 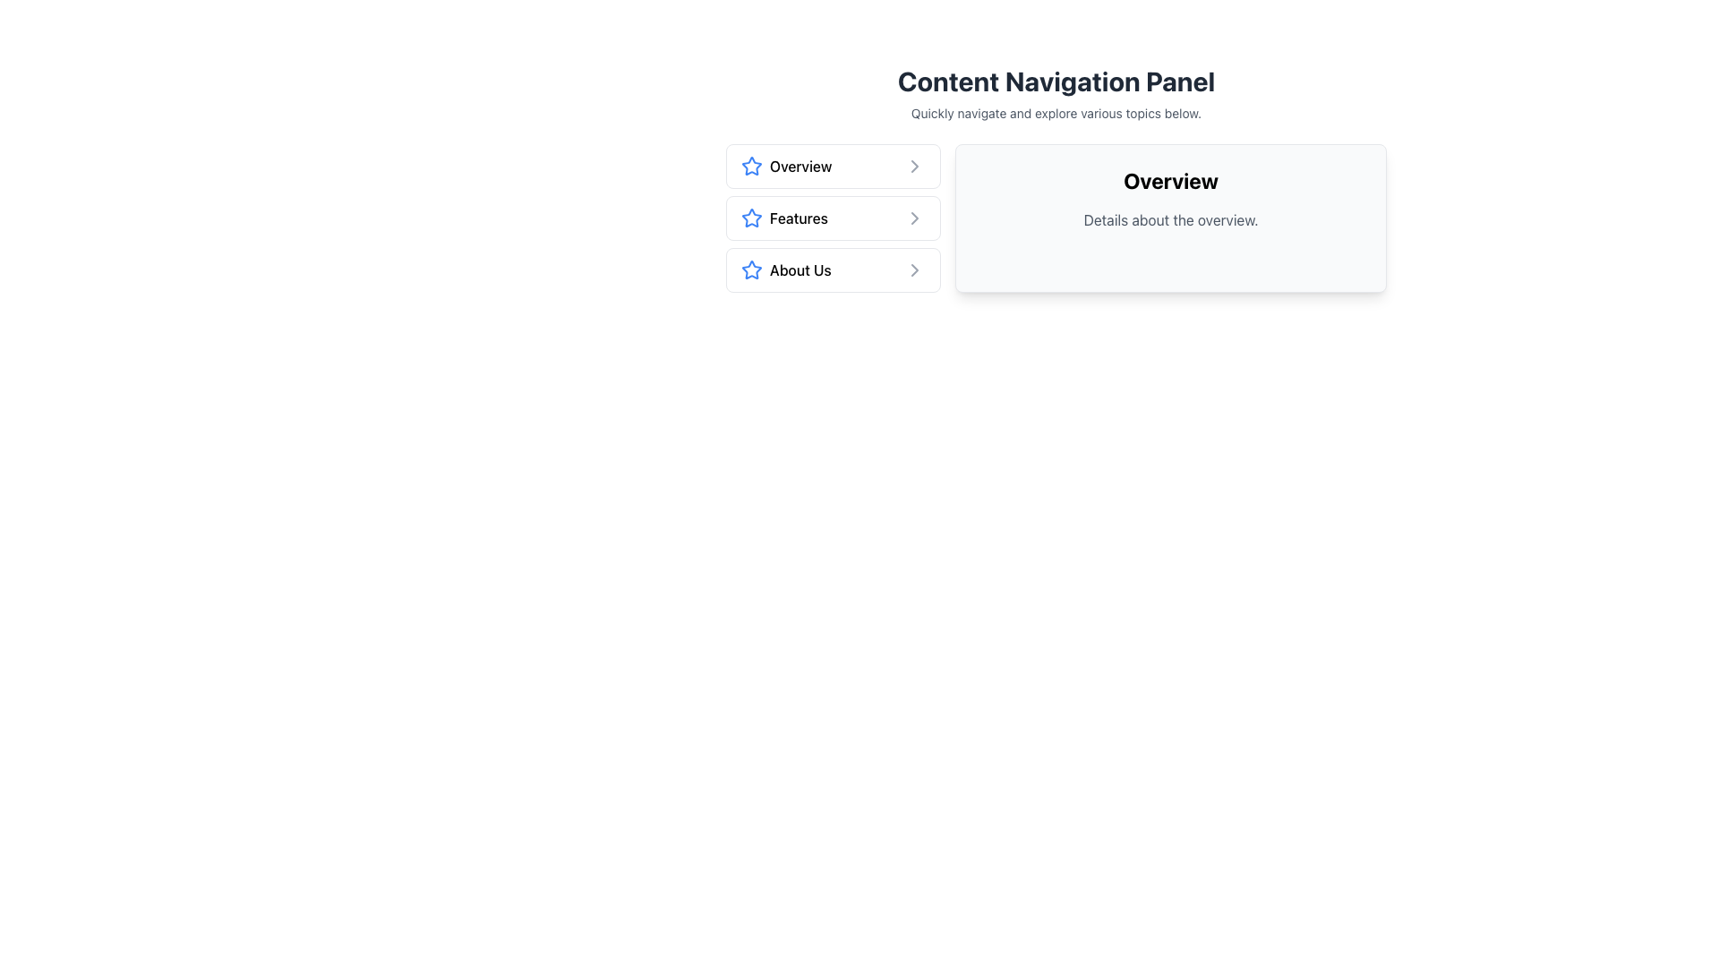 I want to click on the right-facing gray chevron icon located at the far right end of the 'Features' button, so click(x=915, y=217).